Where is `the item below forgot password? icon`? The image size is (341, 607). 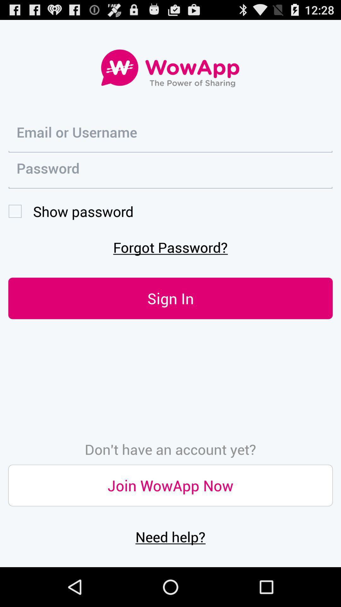 the item below forgot password? icon is located at coordinates (170, 298).